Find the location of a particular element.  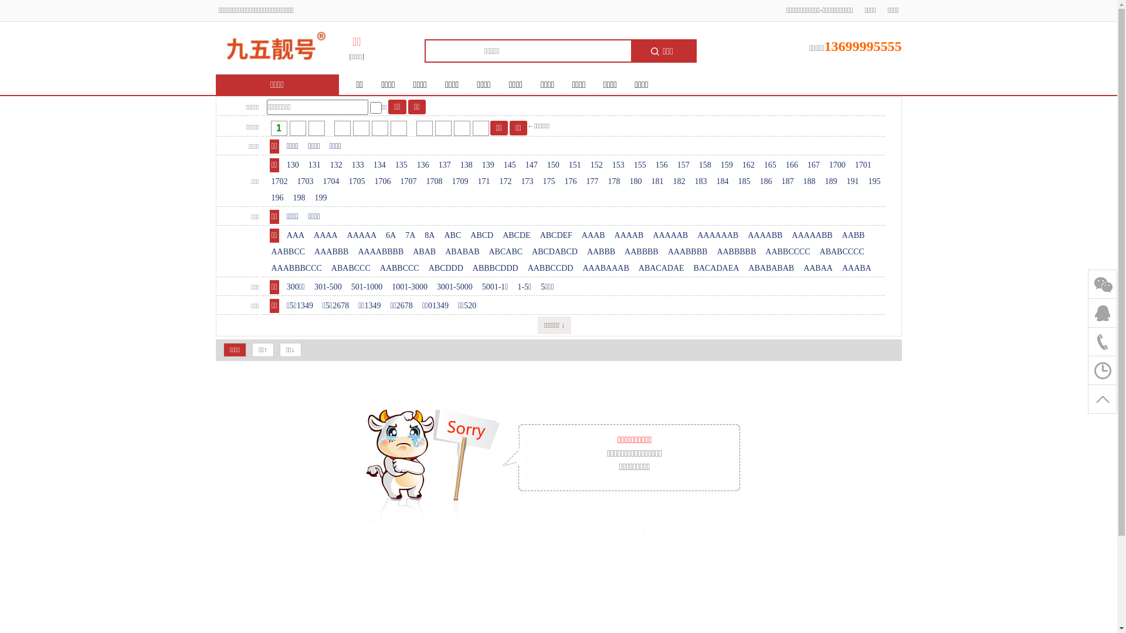

'155' is located at coordinates (639, 165).